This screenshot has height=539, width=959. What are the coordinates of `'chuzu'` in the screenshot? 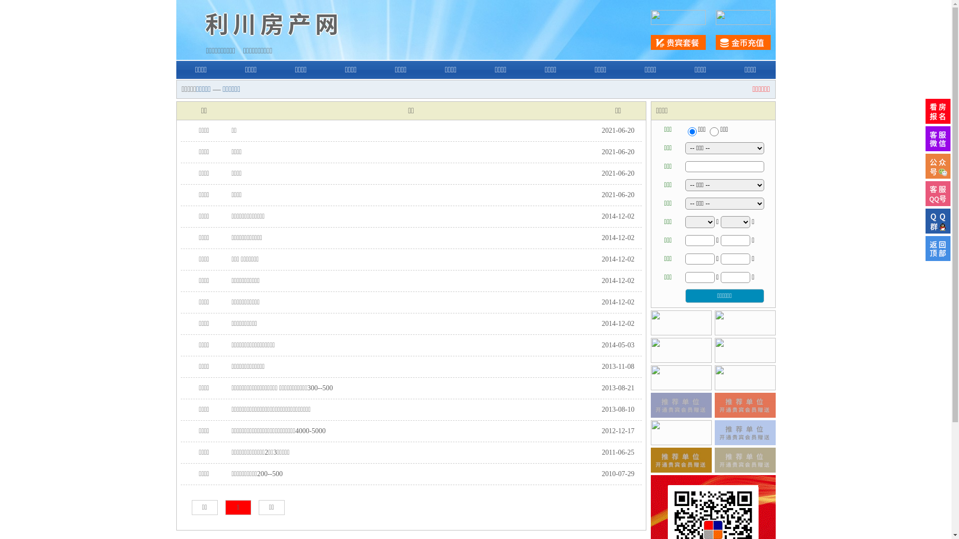 It's located at (714, 131).